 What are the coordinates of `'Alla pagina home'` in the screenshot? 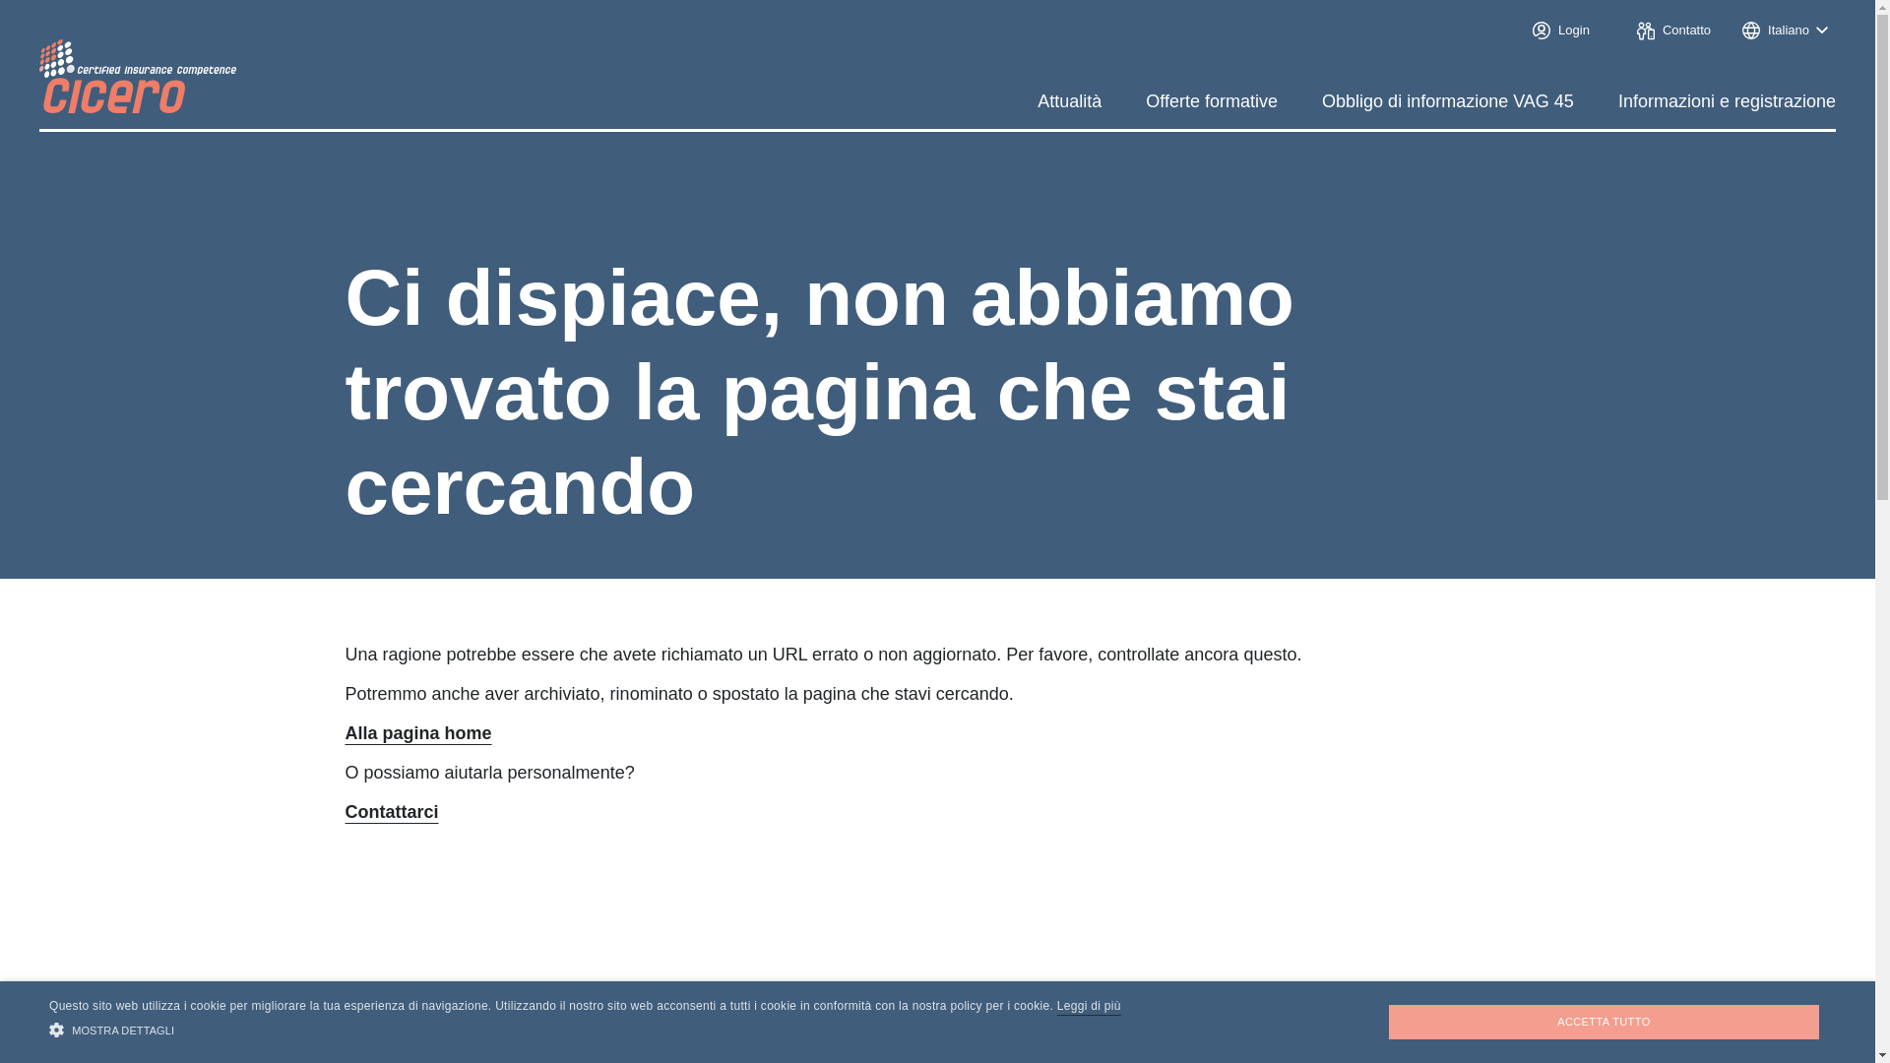 It's located at (345, 732).